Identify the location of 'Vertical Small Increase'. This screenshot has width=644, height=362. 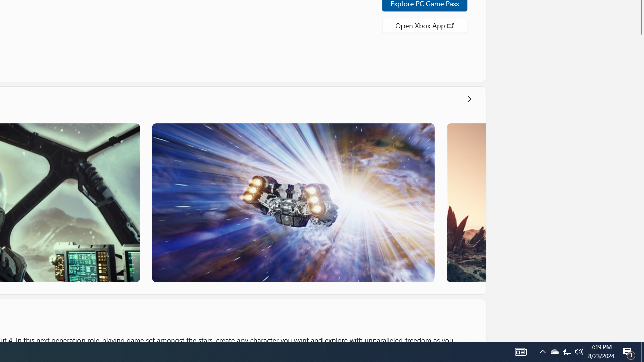
(639, 338).